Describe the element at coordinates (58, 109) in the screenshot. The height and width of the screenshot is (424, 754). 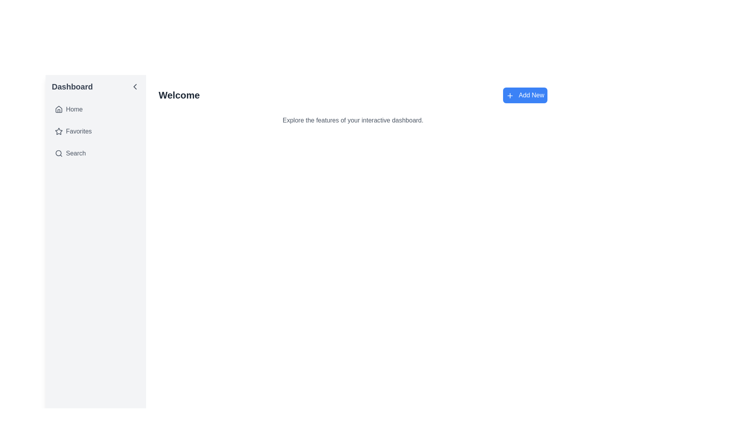
I see `the house-shaped icon in the sidebar under the 'Home' menu item` at that location.